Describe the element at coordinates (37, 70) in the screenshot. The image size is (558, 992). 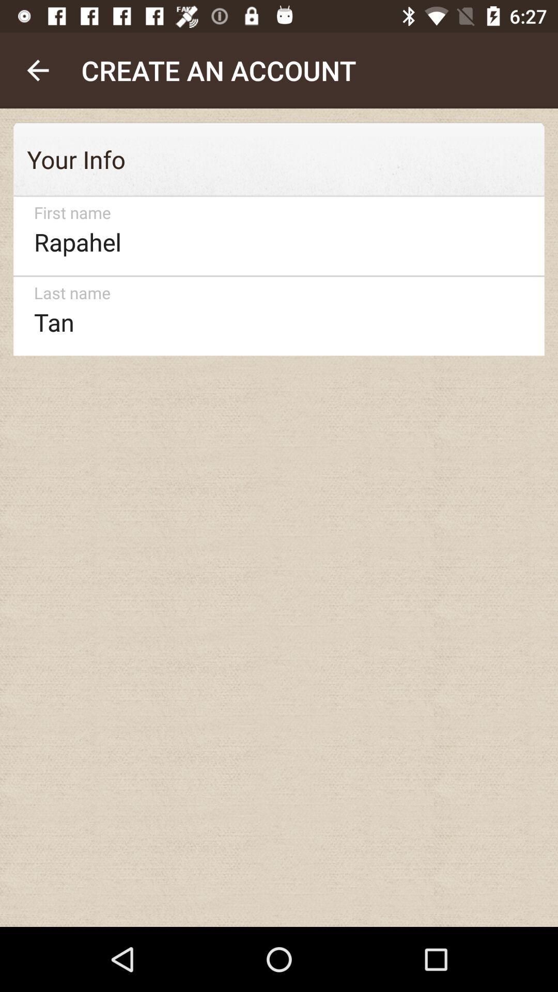
I see `the icon above the your info item` at that location.